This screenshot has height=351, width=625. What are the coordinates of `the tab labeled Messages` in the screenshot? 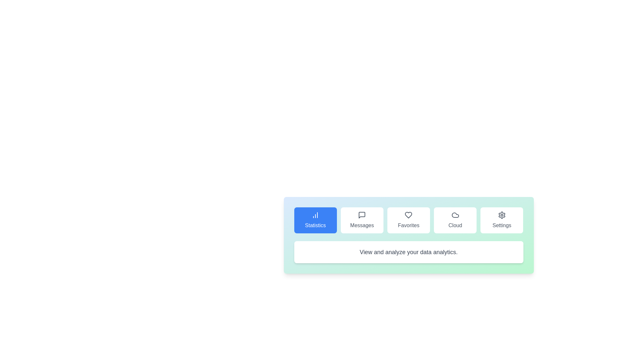 It's located at (362, 220).